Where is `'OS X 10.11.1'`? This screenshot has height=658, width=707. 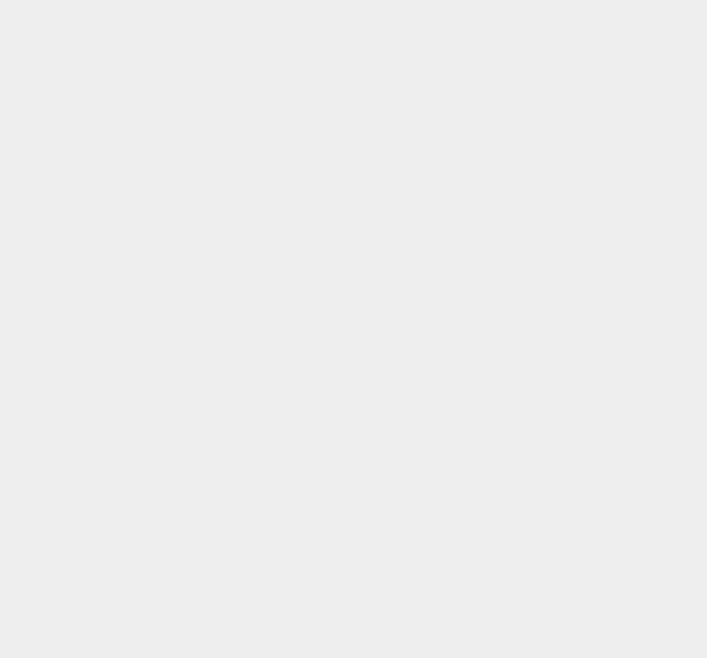 'OS X 10.11.1' is located at coordinates (524, 301).